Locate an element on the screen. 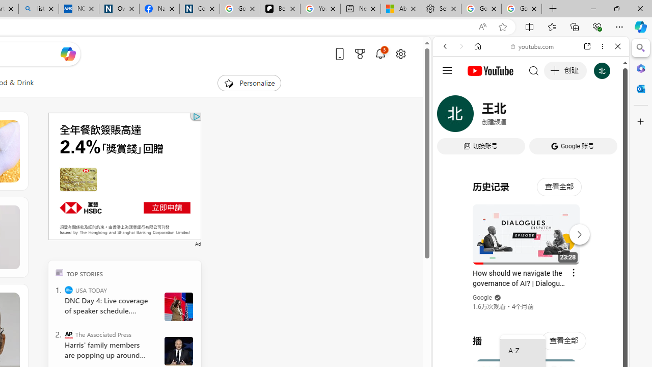 The height and width of the screenshot is (367, 652). 'Class: b_serphb' is located at coordinates (606, 117).